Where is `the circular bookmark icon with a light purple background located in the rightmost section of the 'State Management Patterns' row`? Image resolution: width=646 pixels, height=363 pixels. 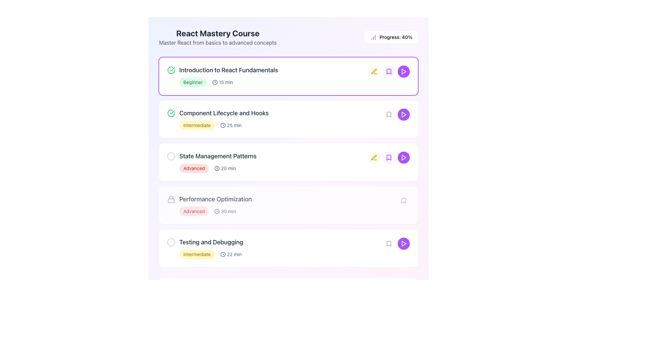 the circular bookmark icon with a light purple background located in the rightmost section of the 'State Management Patterns' row is located at coordinates (389, 158).